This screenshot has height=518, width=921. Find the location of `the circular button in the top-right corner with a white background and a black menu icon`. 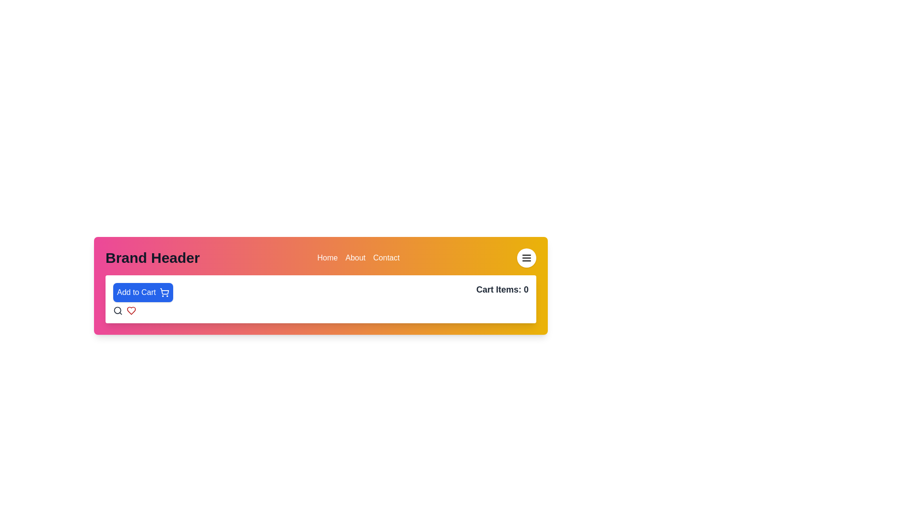

the circular button in the top-right corner with a white background and a black menu icon is located at coordinates (526, 257).